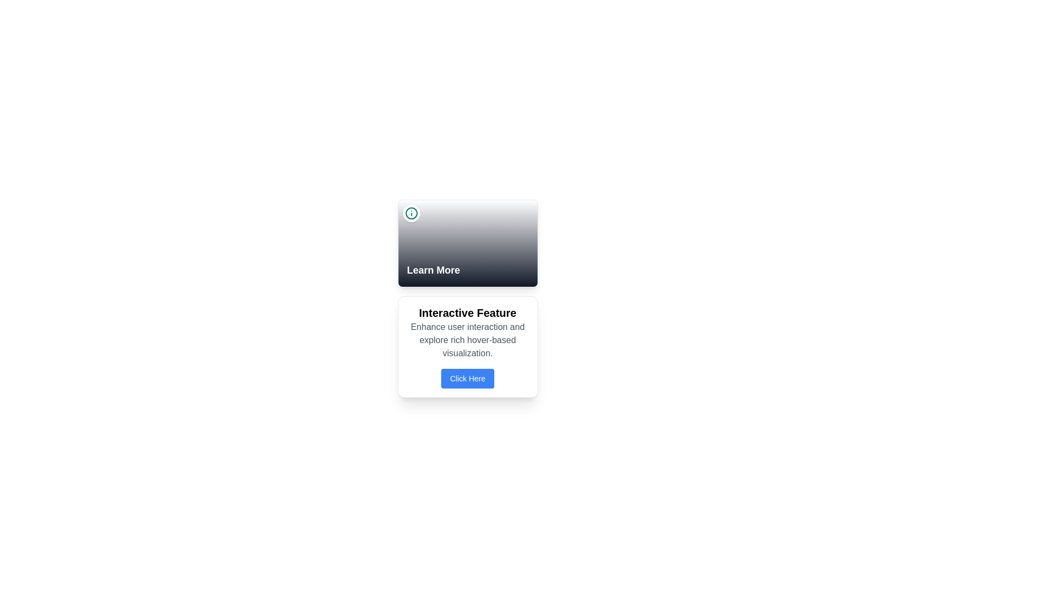 Image resolution: width=1051 pixels, height=591 pixels. Describe the element at coordinates (411, 213) in the screenshot. I see `the SVG circle element that visually indicates additional information related to the 'Learn More' section, located in the top-left area of the card` at that location.